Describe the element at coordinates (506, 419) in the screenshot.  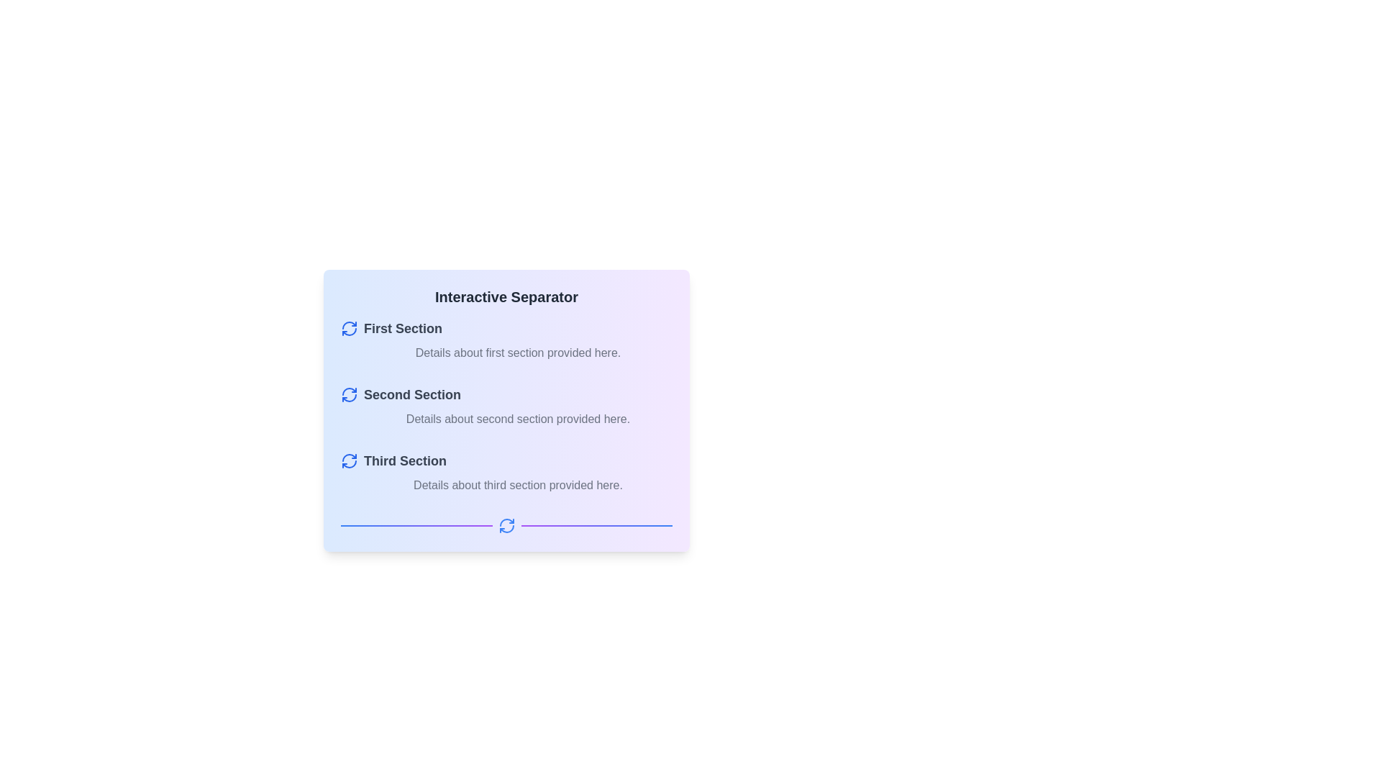
I see `the Text Label that provides descriptive information about the 'Second Section' of the interface, positioned below the 'Second Section' heading and to the right of an icon` at that location.